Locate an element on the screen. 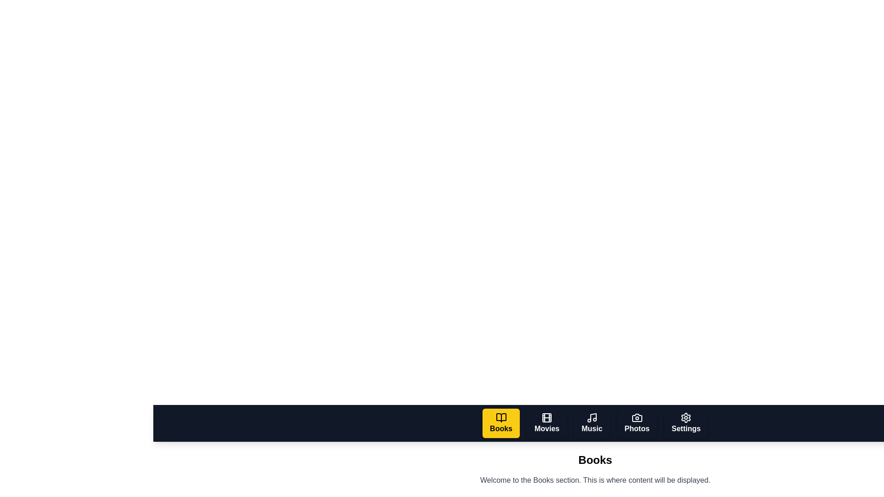 This screenshot has width=884, height=497. the Photos tab by clicking on its button is located at coordinates (636, 423).